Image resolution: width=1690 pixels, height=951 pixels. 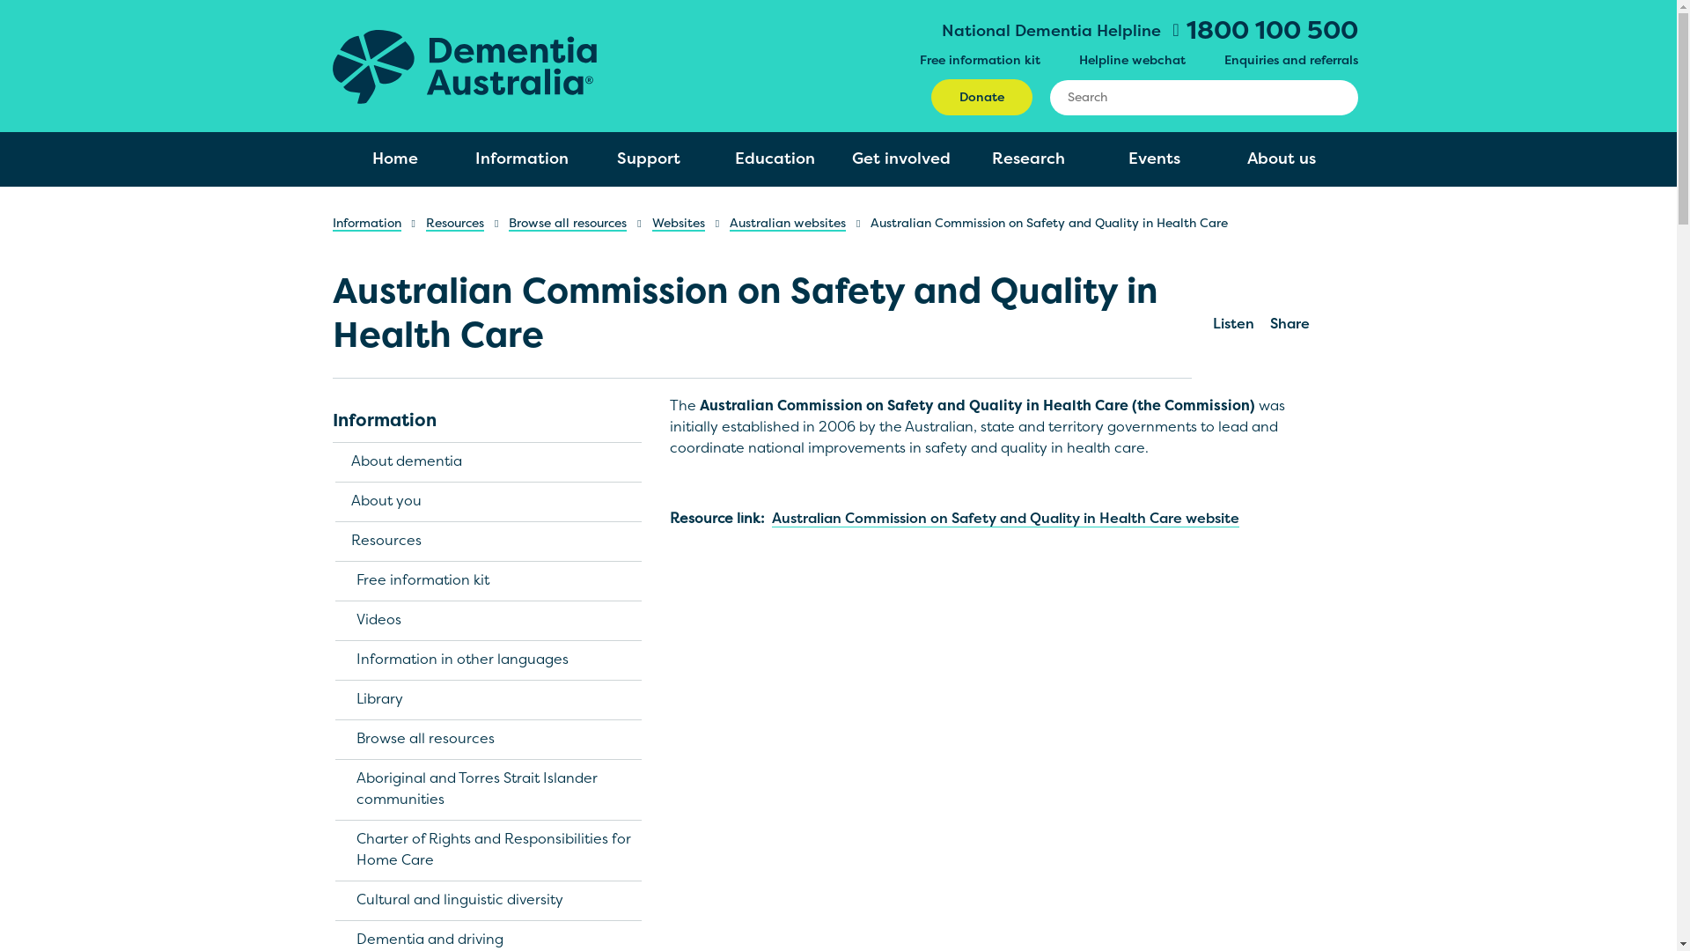 I want to click on 'Education', so click(x=775, y=159).